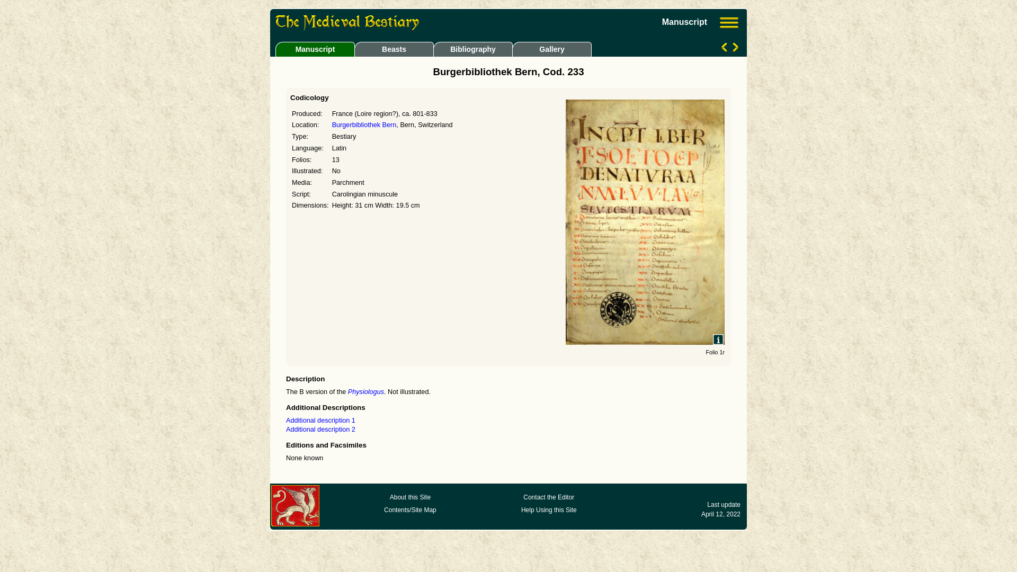 The width and height of the screenshot is (1017, 572). What do you see at coordinates (320, 429) in the screenshot?
I see `'Additional description 2'` at bounding box center [320, 429].